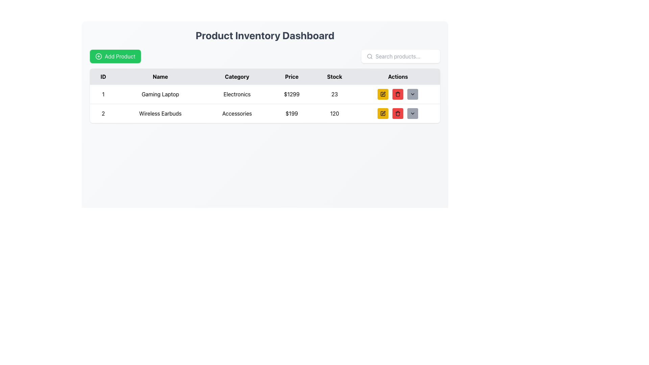 This screenshot has width=649, height=365. Describe the element at coordinates (237, 113) in the screenshot. I see `the 'Accessories' text element in the 'Category' column of the table corresponding to 'Wireless Earbuds'` at that location.